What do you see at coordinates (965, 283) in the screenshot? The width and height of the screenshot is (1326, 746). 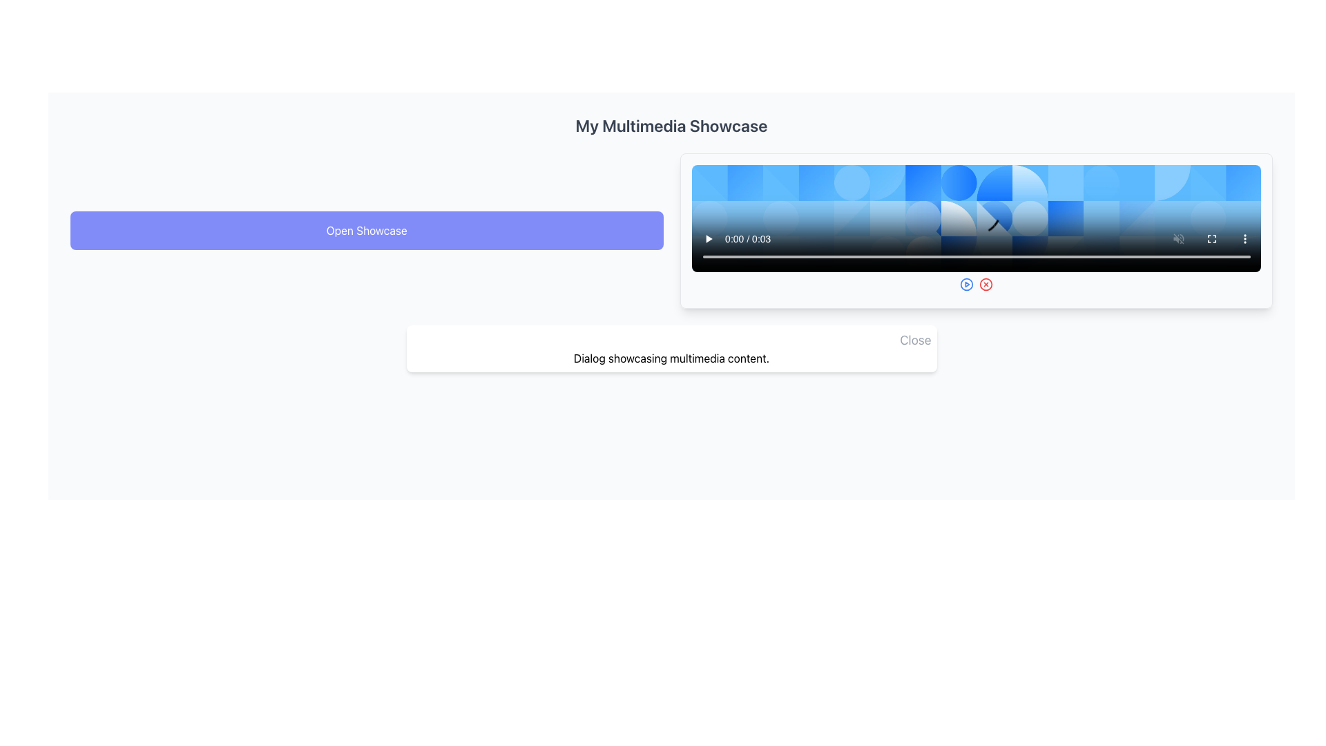 I see `the decorative circular shape that forms part of the larger play button icon located in the top-right area of the layout` at bounding box center [965, 283].